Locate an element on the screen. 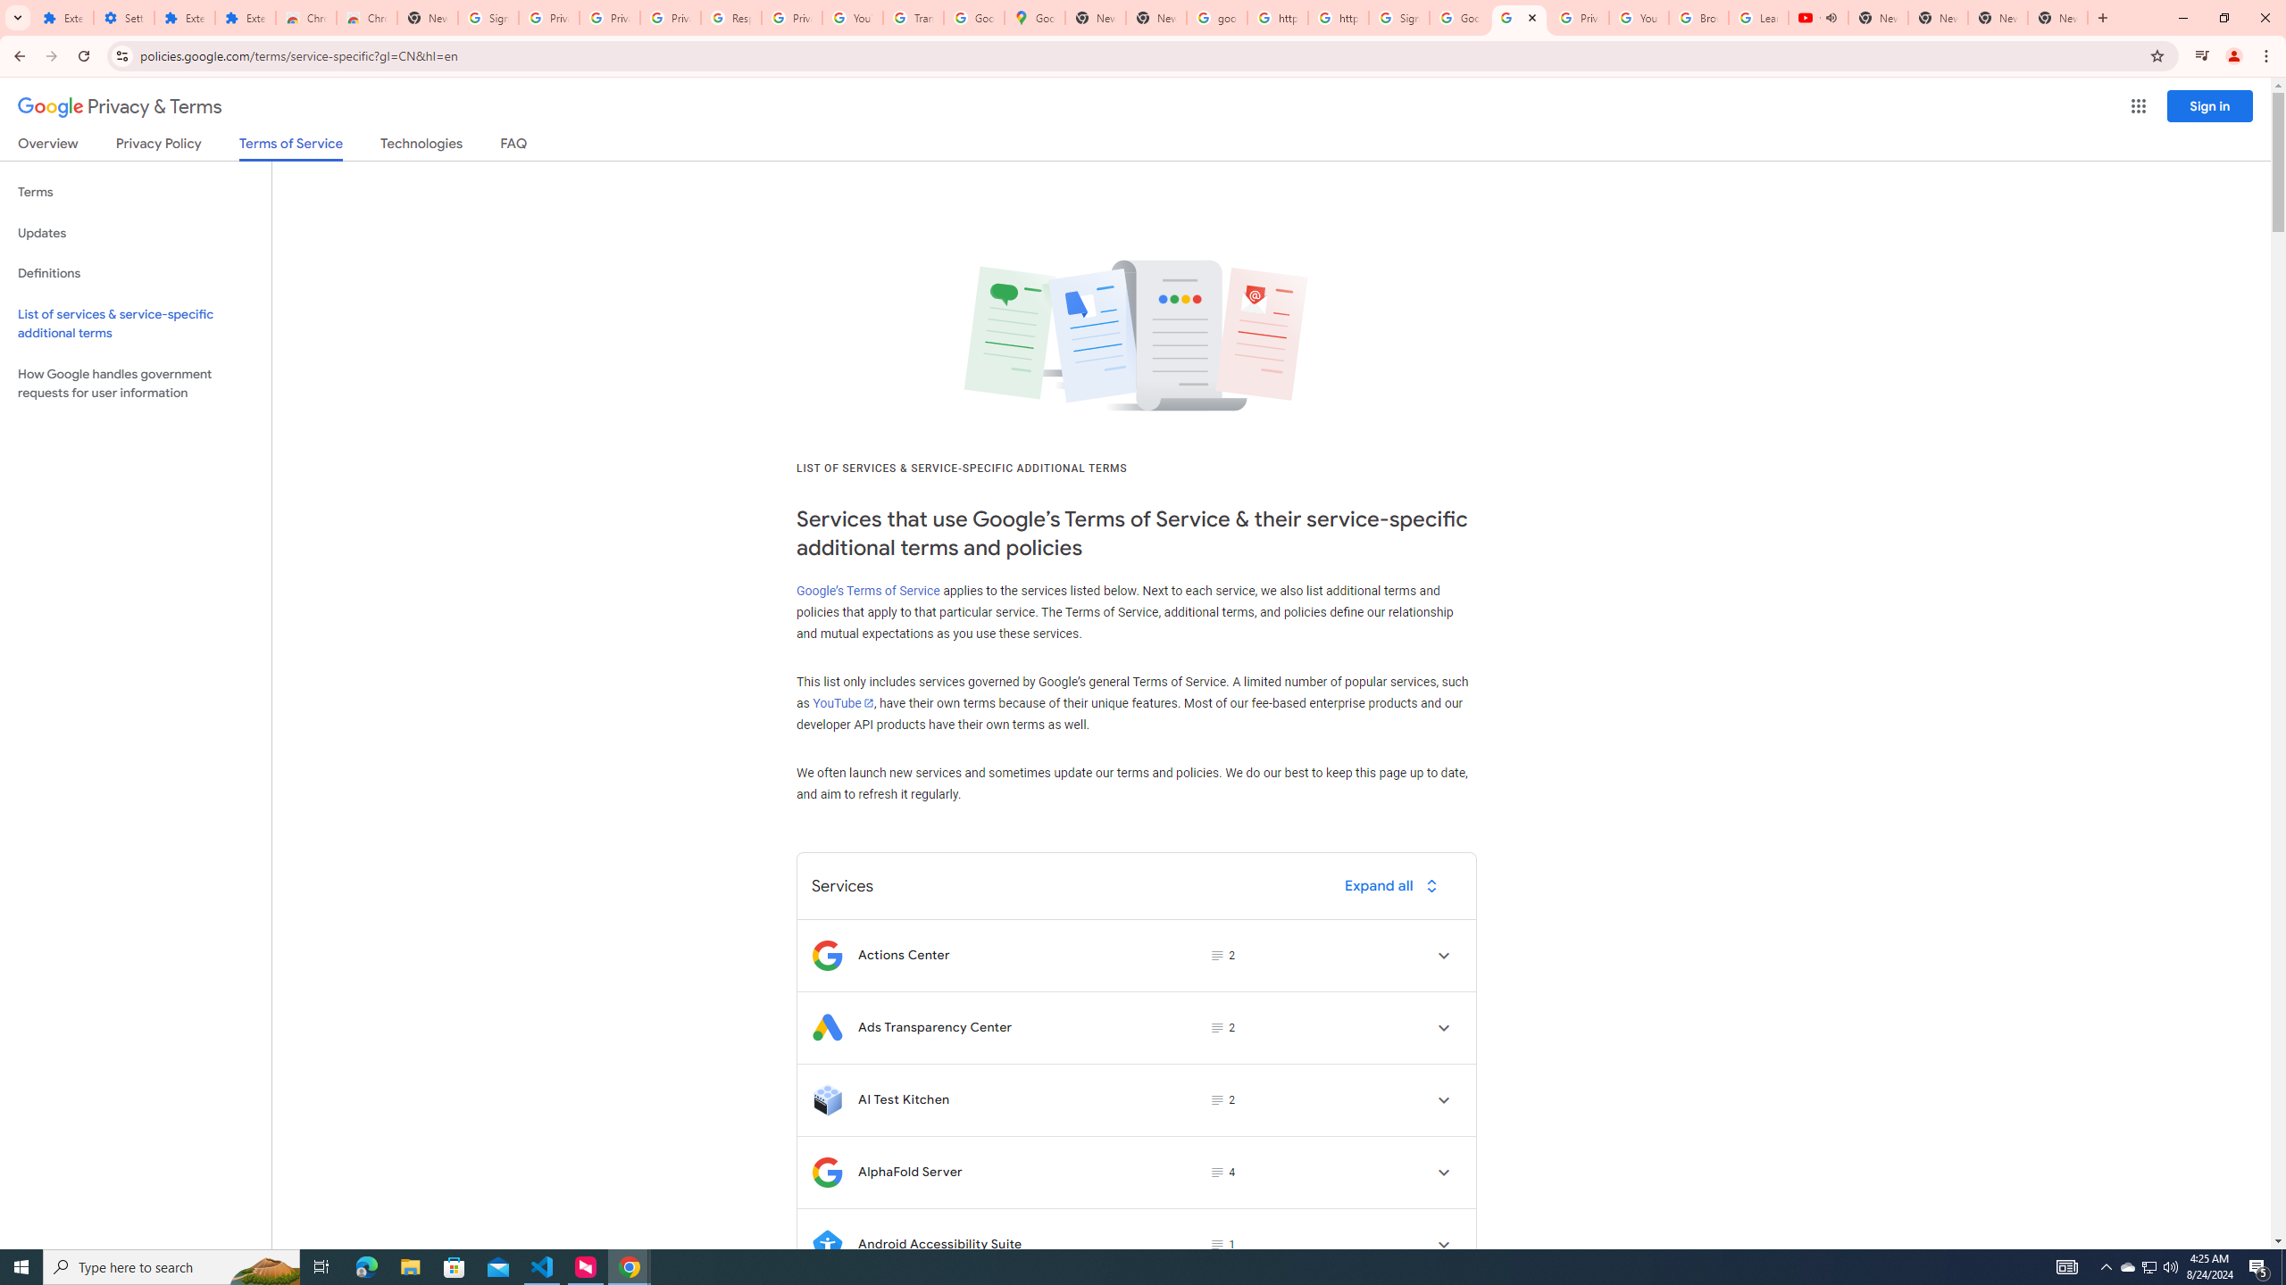  'Expand all' is located at coordinates (1394, 884).